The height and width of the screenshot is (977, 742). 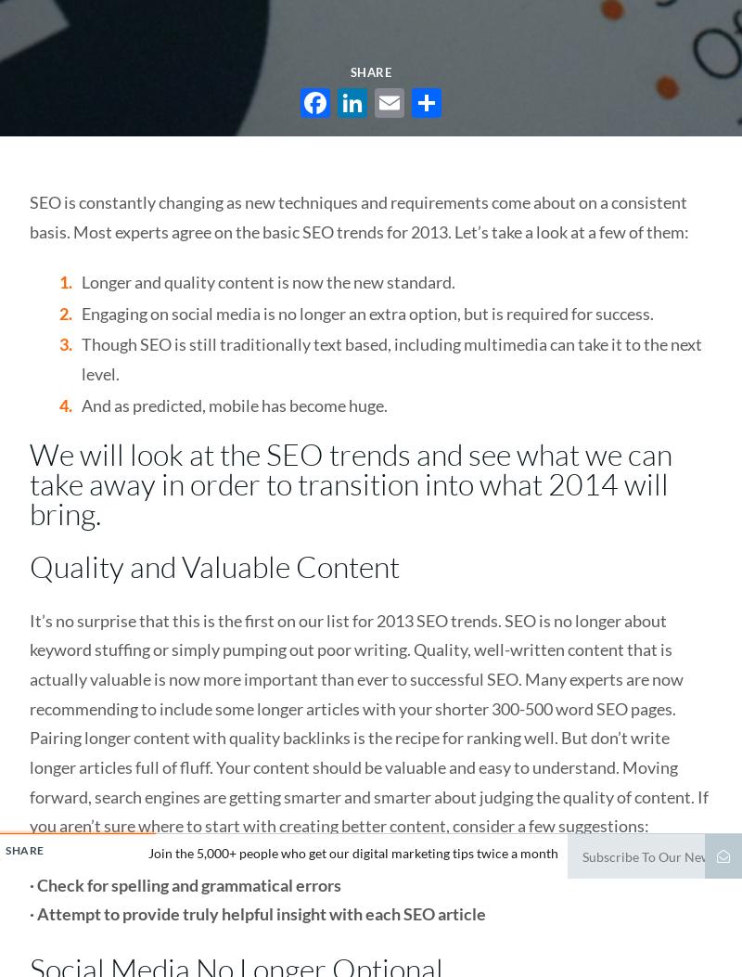 I want to click on 'We will look at the SEO trends and see what we can take away in order to transition into what 2014 will bring.', so click(x=350, y=483).